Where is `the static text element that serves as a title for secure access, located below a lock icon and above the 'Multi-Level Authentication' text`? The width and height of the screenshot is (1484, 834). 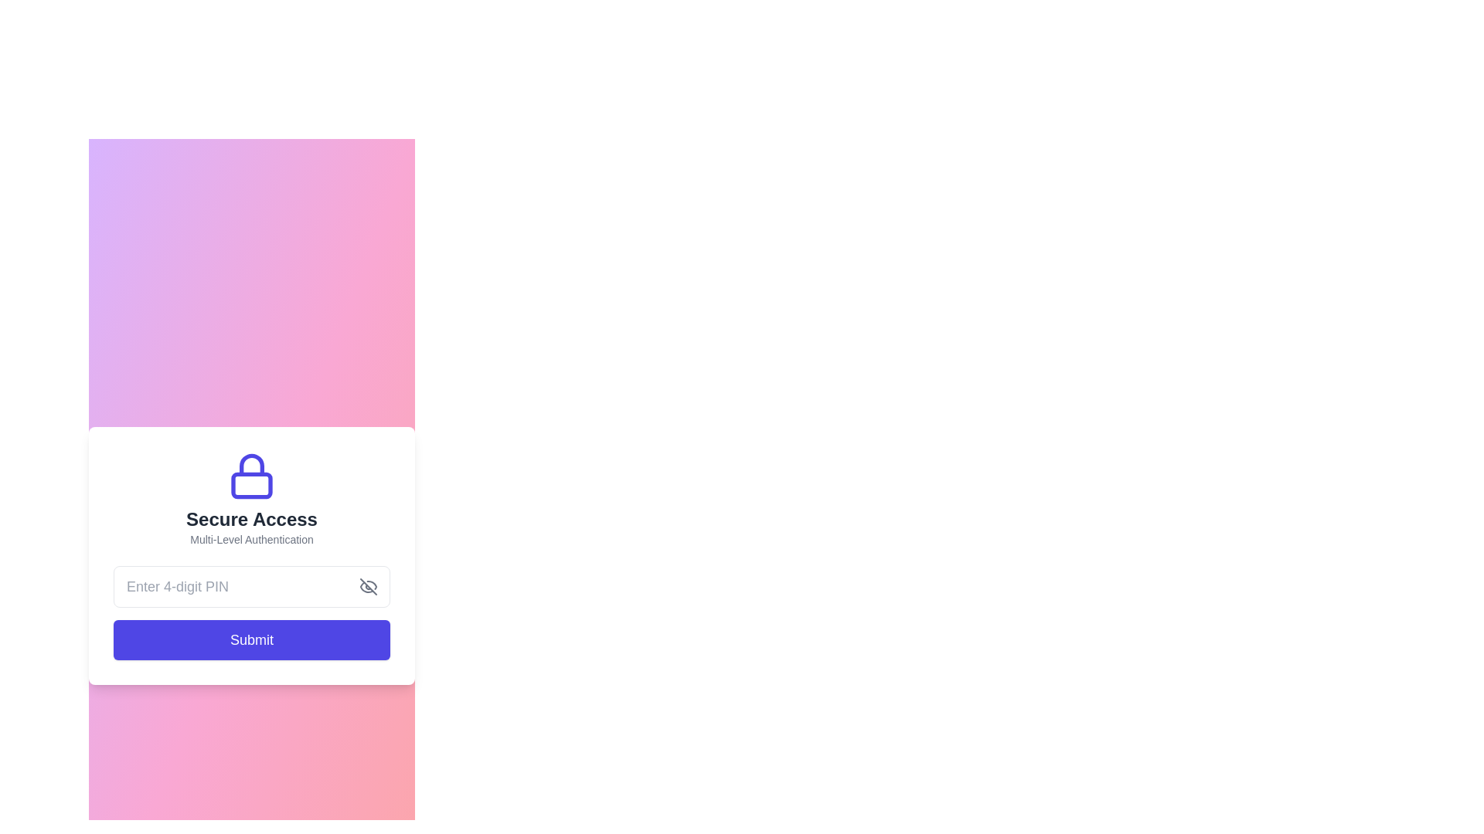
the static text element that serves as a title for secure access, located below a lock icon and above the 'Multi-Level Authentication' text is located at coordinates (252, 519).